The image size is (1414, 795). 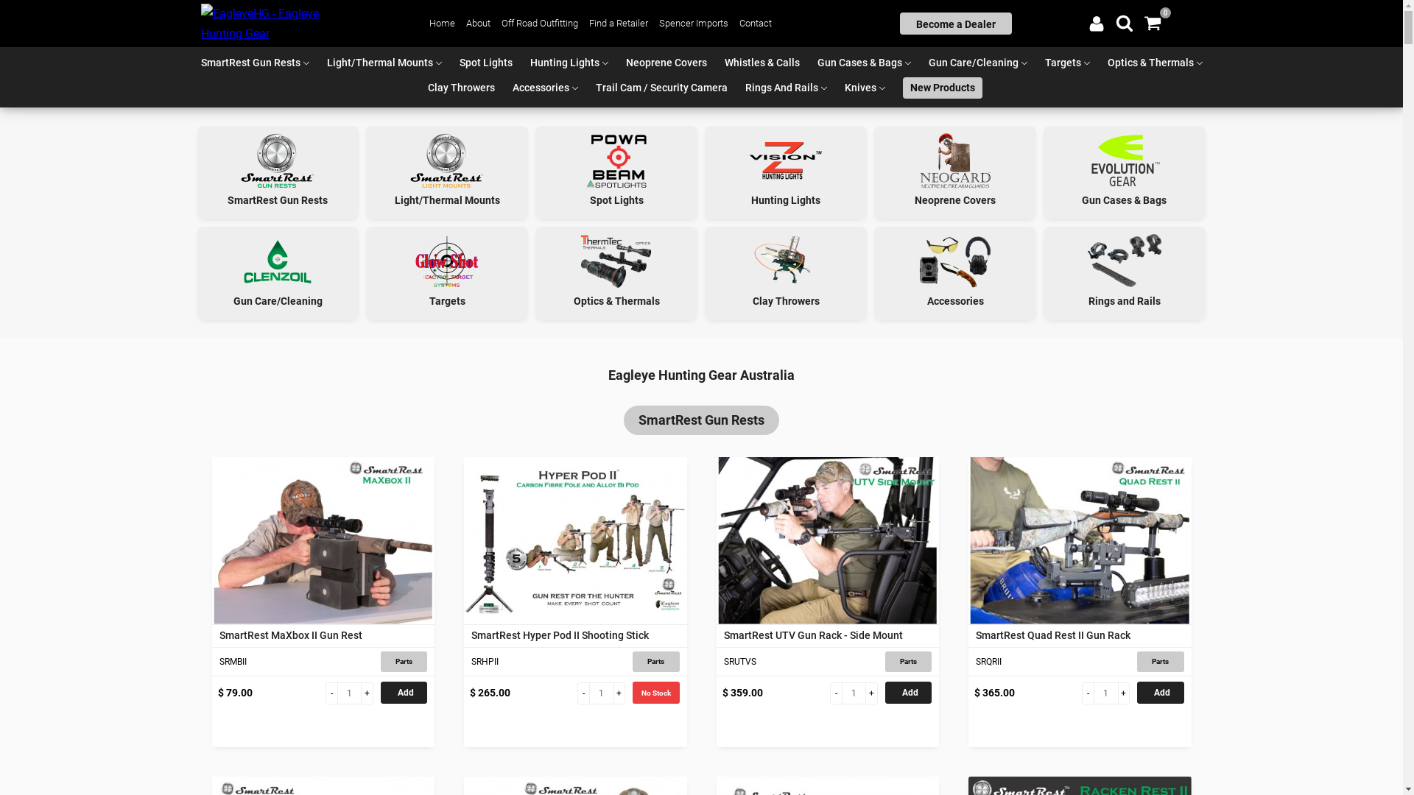 I want to click on 'SmartRest UTV Gun Rack - Side Mount', so click(x=827, y=635).